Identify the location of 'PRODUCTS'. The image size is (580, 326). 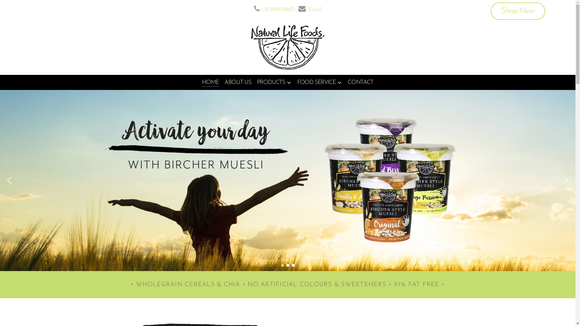
(274, 83).